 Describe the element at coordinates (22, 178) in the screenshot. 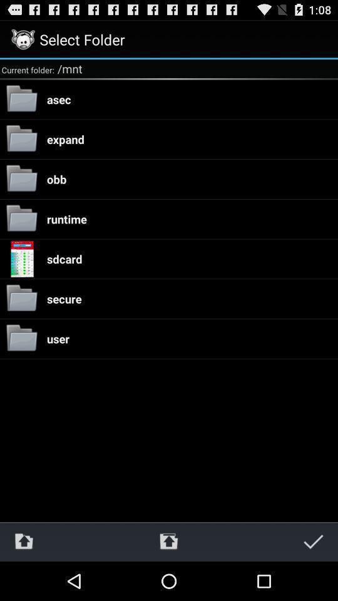

I see `the folder icon left to obb` at that location.